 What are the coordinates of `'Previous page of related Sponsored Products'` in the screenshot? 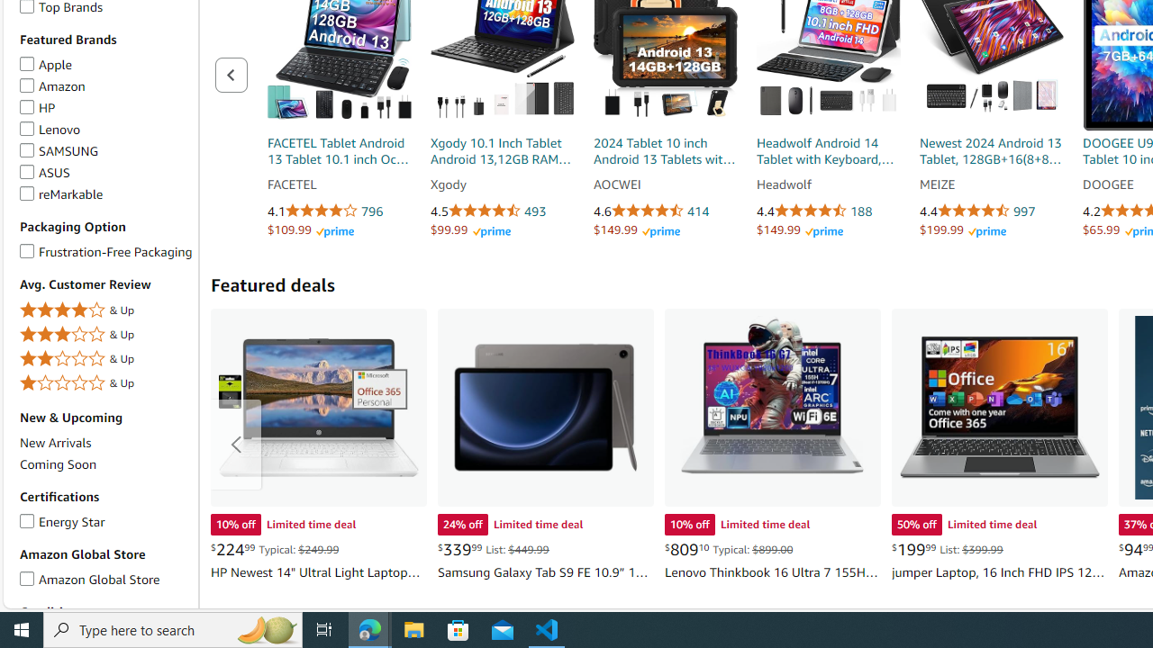 It's located at (231, 74).